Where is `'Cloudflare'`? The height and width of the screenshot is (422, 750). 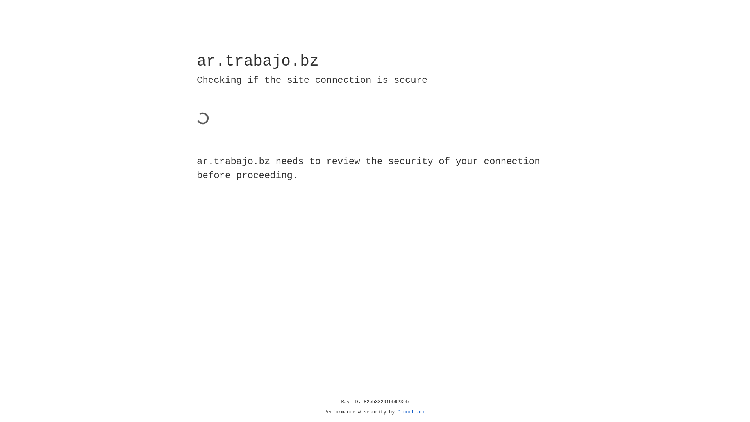
'Cloudflare' is located at coordinates (411, 412).